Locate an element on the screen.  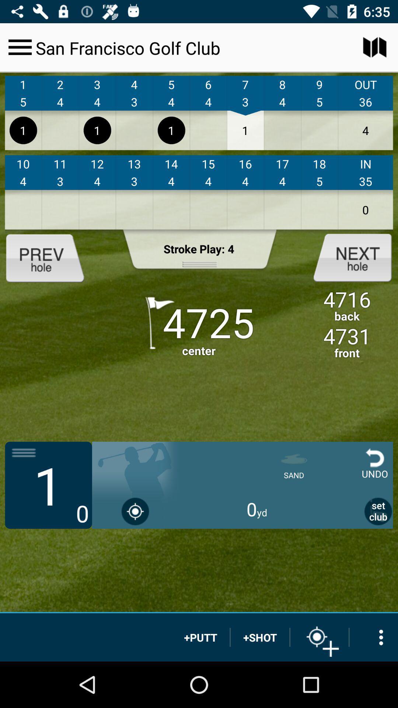
use gps location is located at coordinates (135, 511).